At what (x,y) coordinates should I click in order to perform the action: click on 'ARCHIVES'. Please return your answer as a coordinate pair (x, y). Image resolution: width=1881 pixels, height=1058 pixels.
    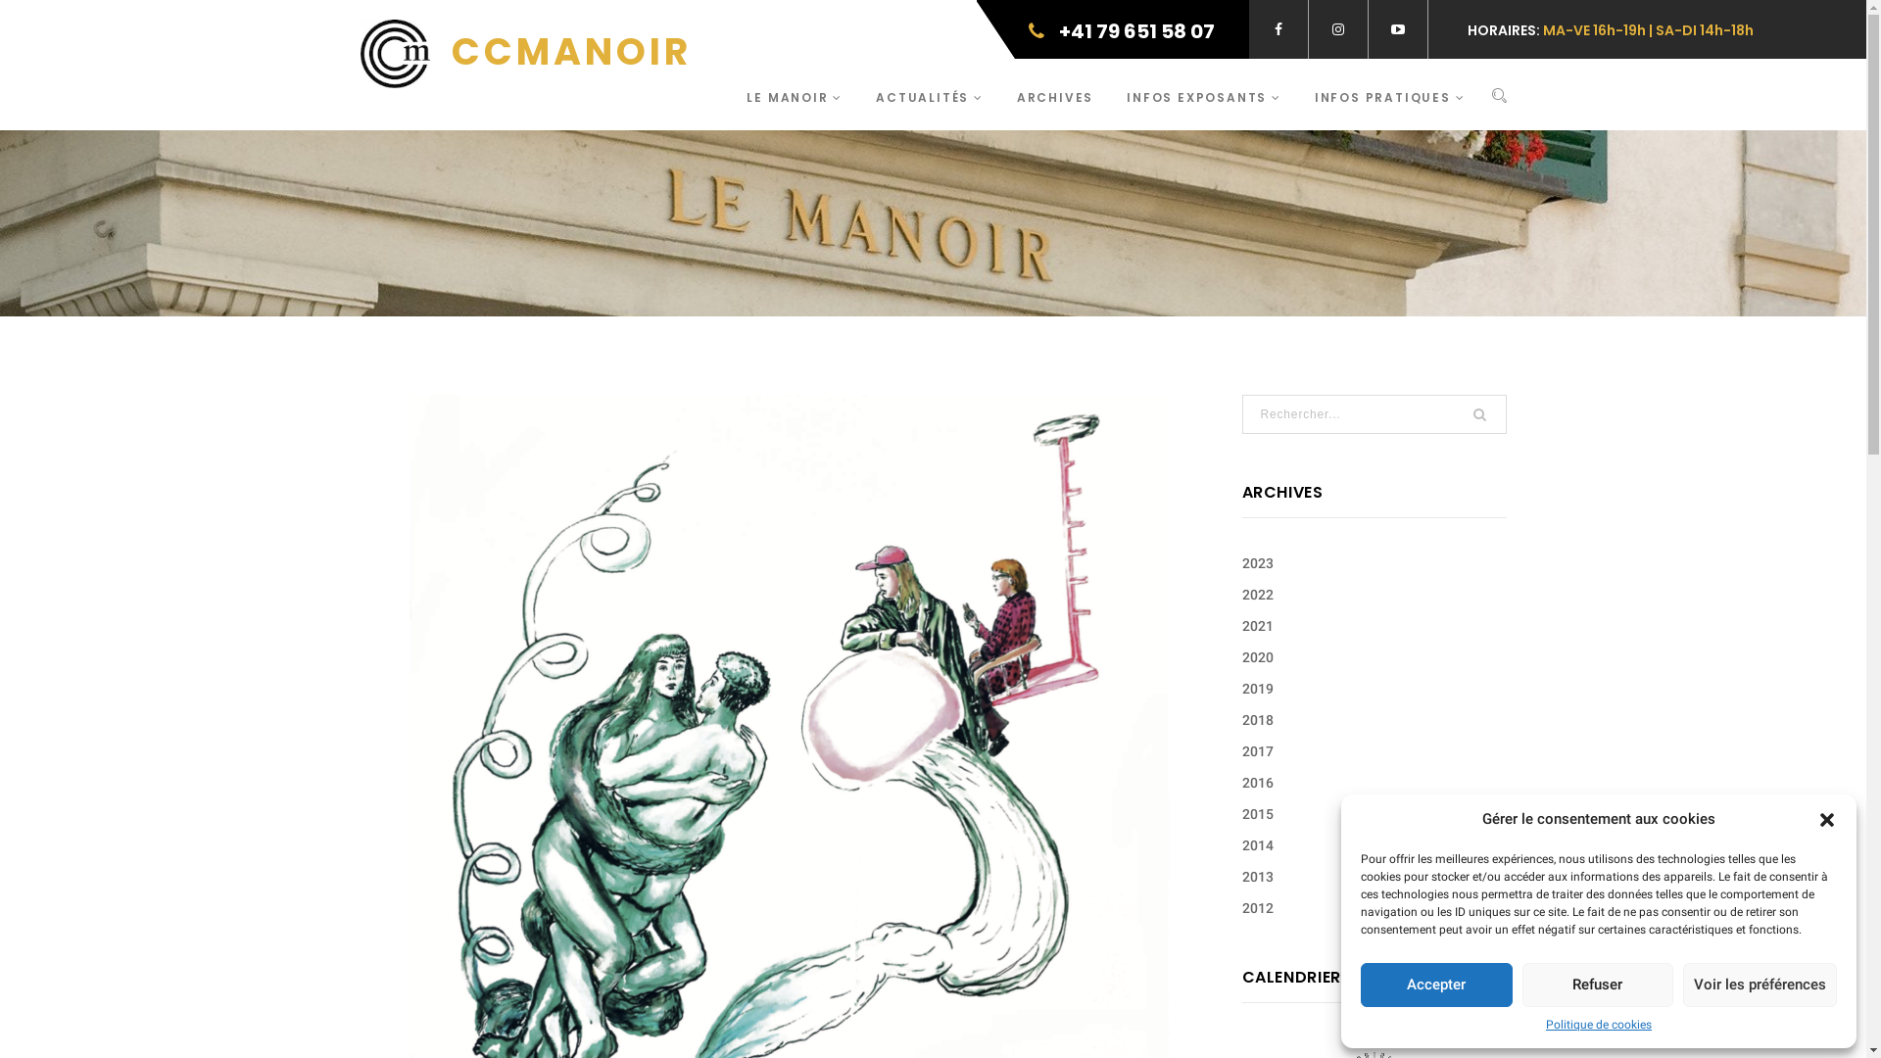
    Looking at the image, I should click on (1053, 94).